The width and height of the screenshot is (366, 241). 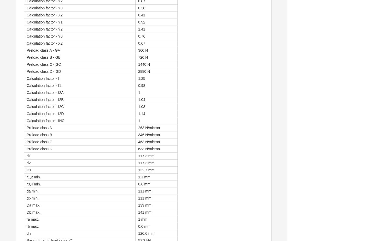 I want to click on '0.38', so click(x=141, y=8).